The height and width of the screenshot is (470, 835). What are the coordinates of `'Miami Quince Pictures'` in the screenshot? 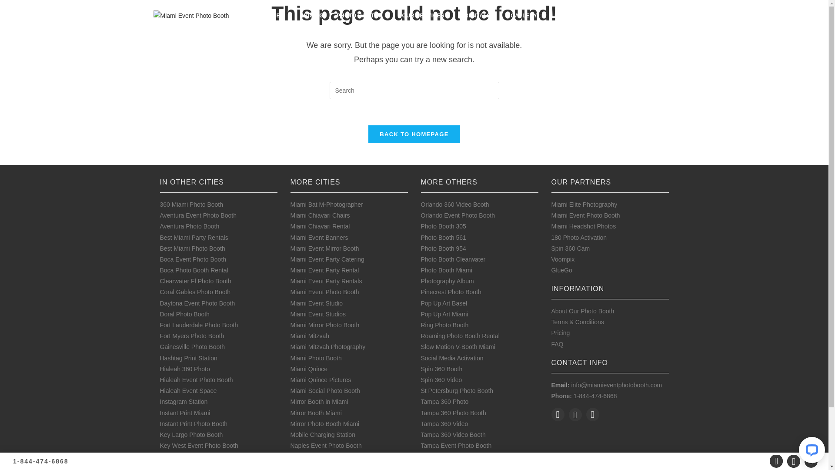 It's located at (321, 379).